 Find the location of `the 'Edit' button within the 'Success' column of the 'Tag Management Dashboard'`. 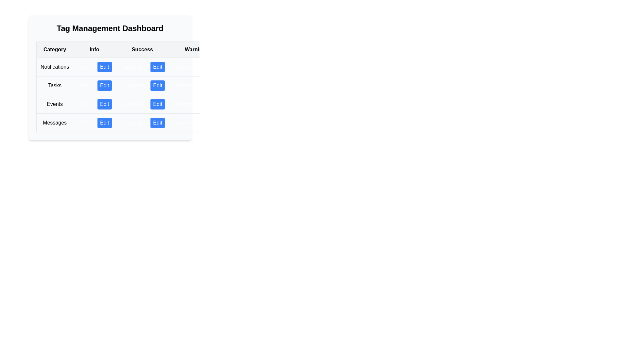

the 'Edit' button within the 'Success' column of the 'Tag Management Dashboard' is located at coordinates (142, 123).